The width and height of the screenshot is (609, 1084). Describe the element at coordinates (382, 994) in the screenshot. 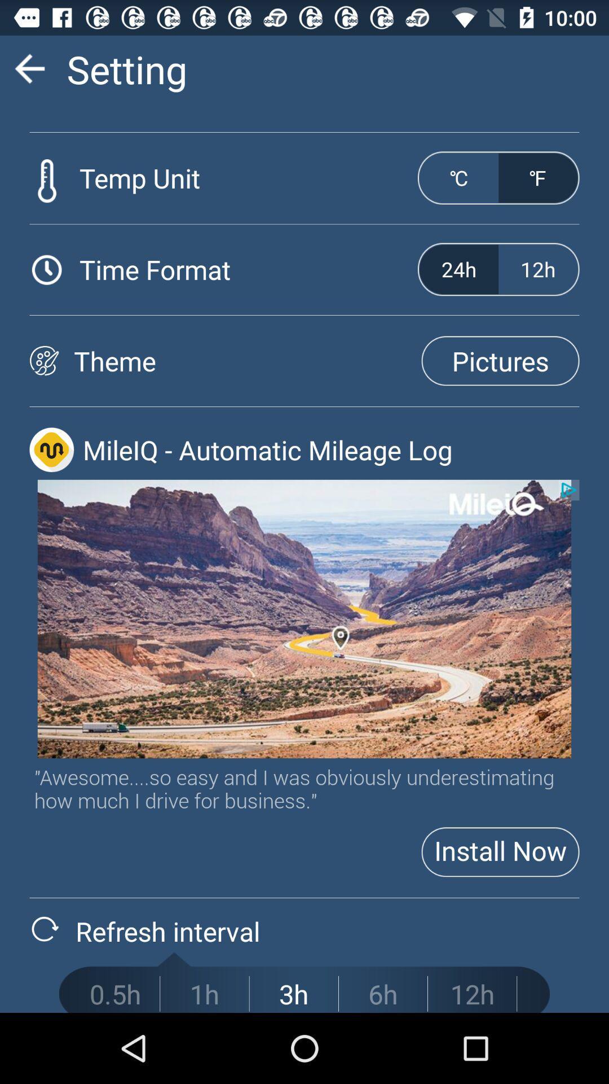

I see `item to the right of the 3h` at that location.